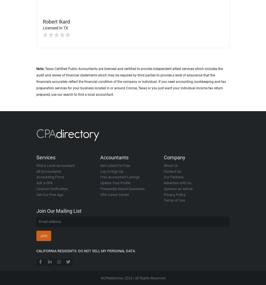  Describe the element at coordinates (144, 278) in the screenshot. I see `'2023 | All Rights Reserved'` at that location.